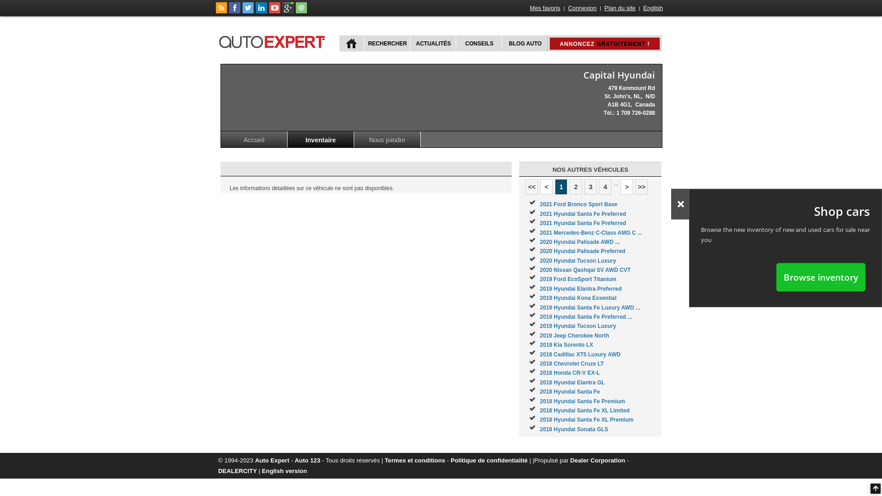  I want to click on '2019 Hyundai Santa Fe Luxury AWD ...', so click(589, 308).